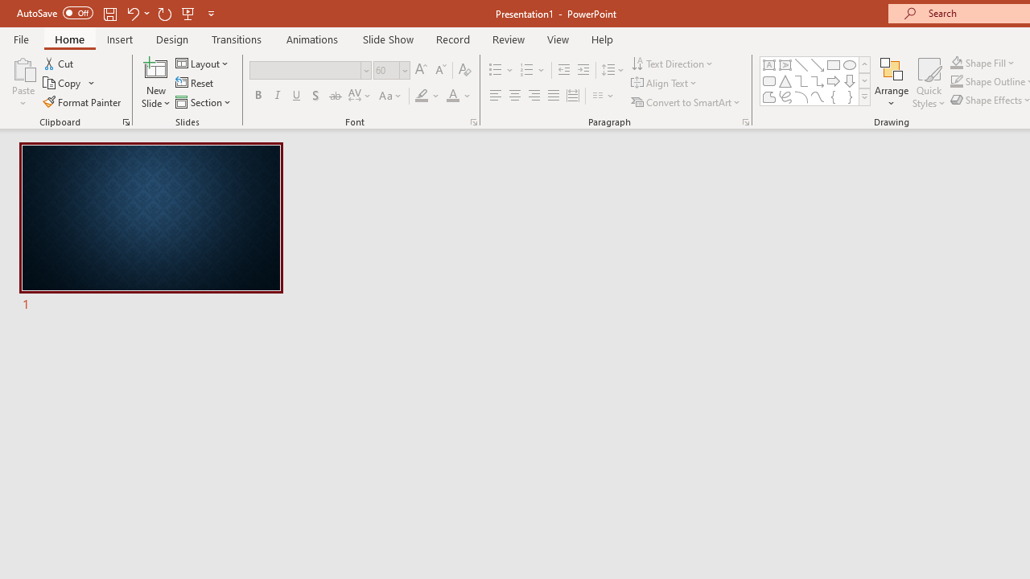 The width and height of the screenshot is (1030, 579). I want to click on 'Font...', so click(472, 121).